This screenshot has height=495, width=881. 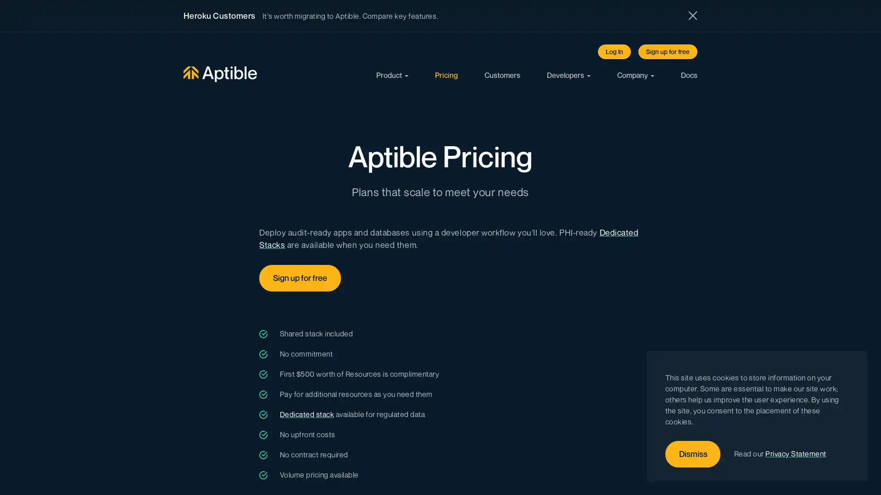 I want to click on Sign up for free, so click(x=300, y=277).